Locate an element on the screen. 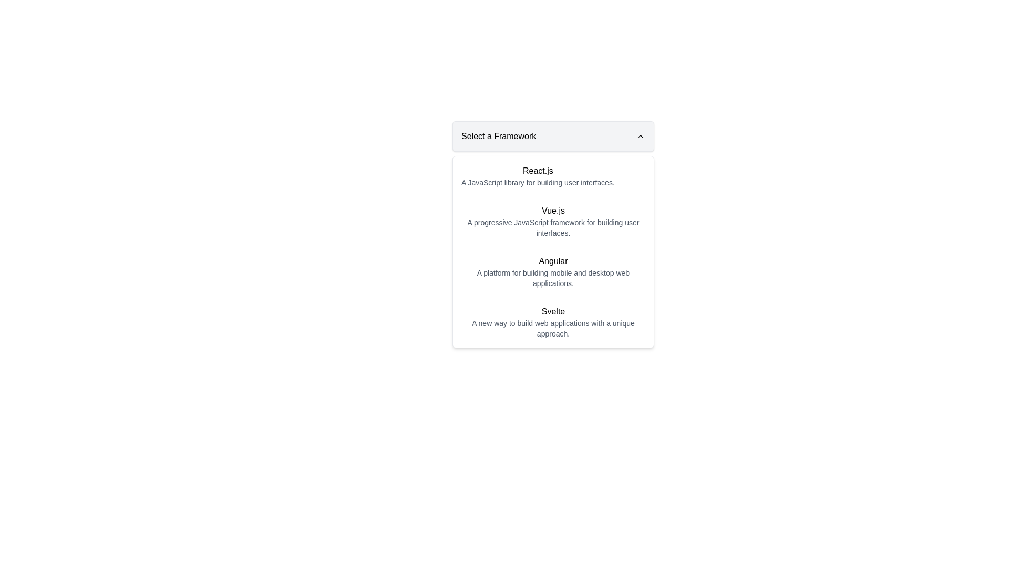 The height and width of the screenshot is (567, 1009). the second item in the dropdown menu for the 'Vue.js' framework to highlight the selection is located at coordinates (552, 220).